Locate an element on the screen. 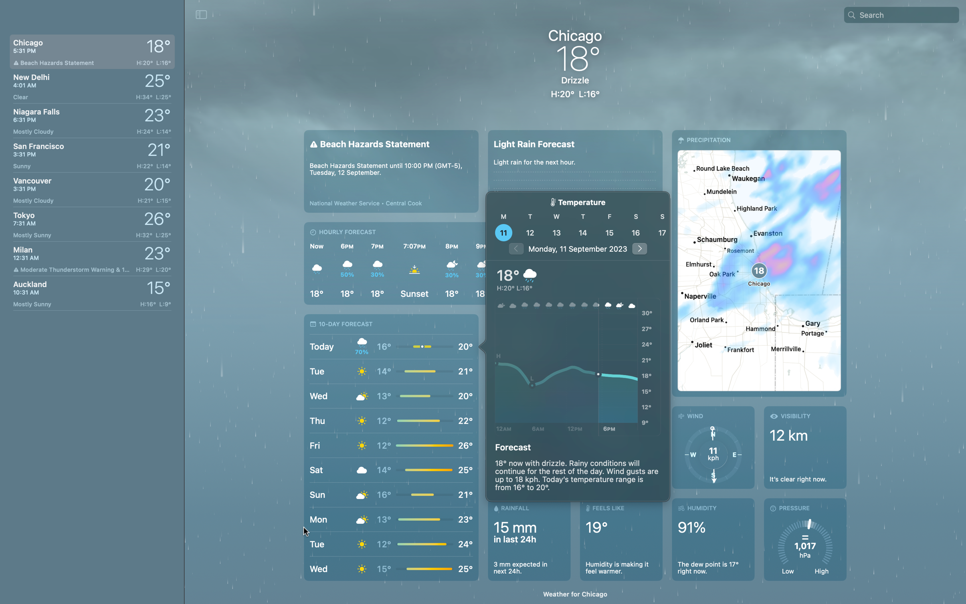  Locate and display the weather conditions for 6am is located at coordinates (537, 368).